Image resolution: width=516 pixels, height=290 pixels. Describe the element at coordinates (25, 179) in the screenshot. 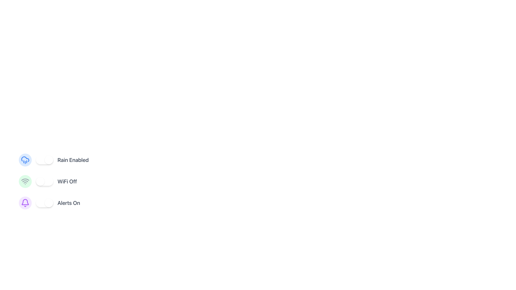

I see `the second arc segment of the WiFi icon, which is part of an SVG graphic representation of a WiFi signal` at that location.